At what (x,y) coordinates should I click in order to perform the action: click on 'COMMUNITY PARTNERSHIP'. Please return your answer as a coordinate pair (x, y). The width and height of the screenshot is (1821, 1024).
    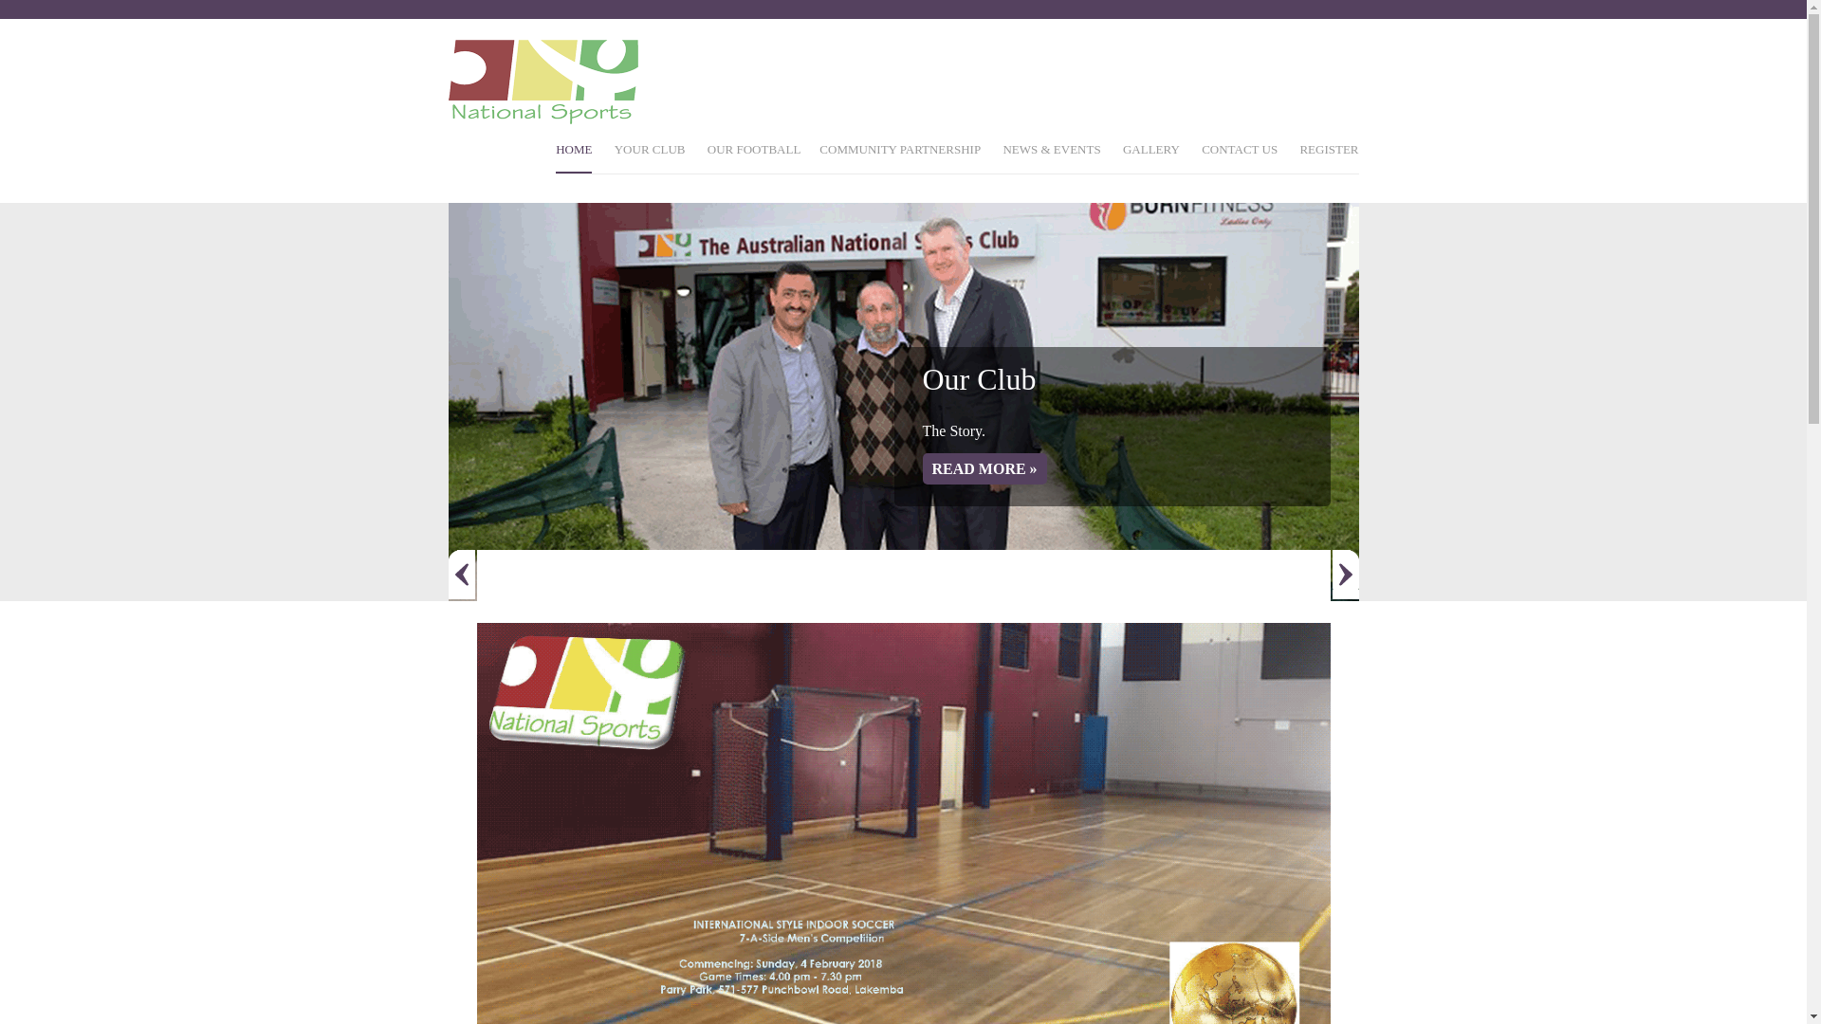
    Looking at the image, I should click on (819, 156).